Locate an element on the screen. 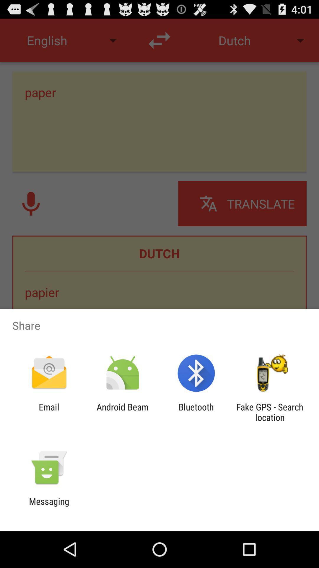  the app to the left of the android beam is located at coordinates (49, 412).